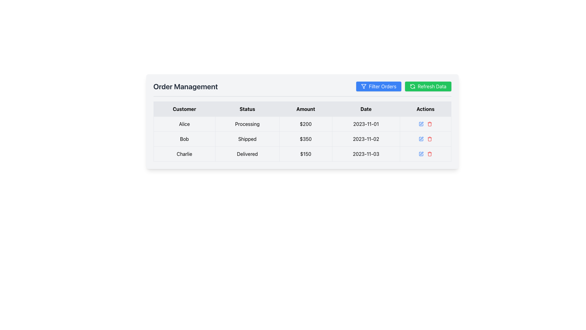  I want to click on the Text Label that indicates the order status as 'Processing' for the row labeled 'Alice' in the data table, so click(247, 124).